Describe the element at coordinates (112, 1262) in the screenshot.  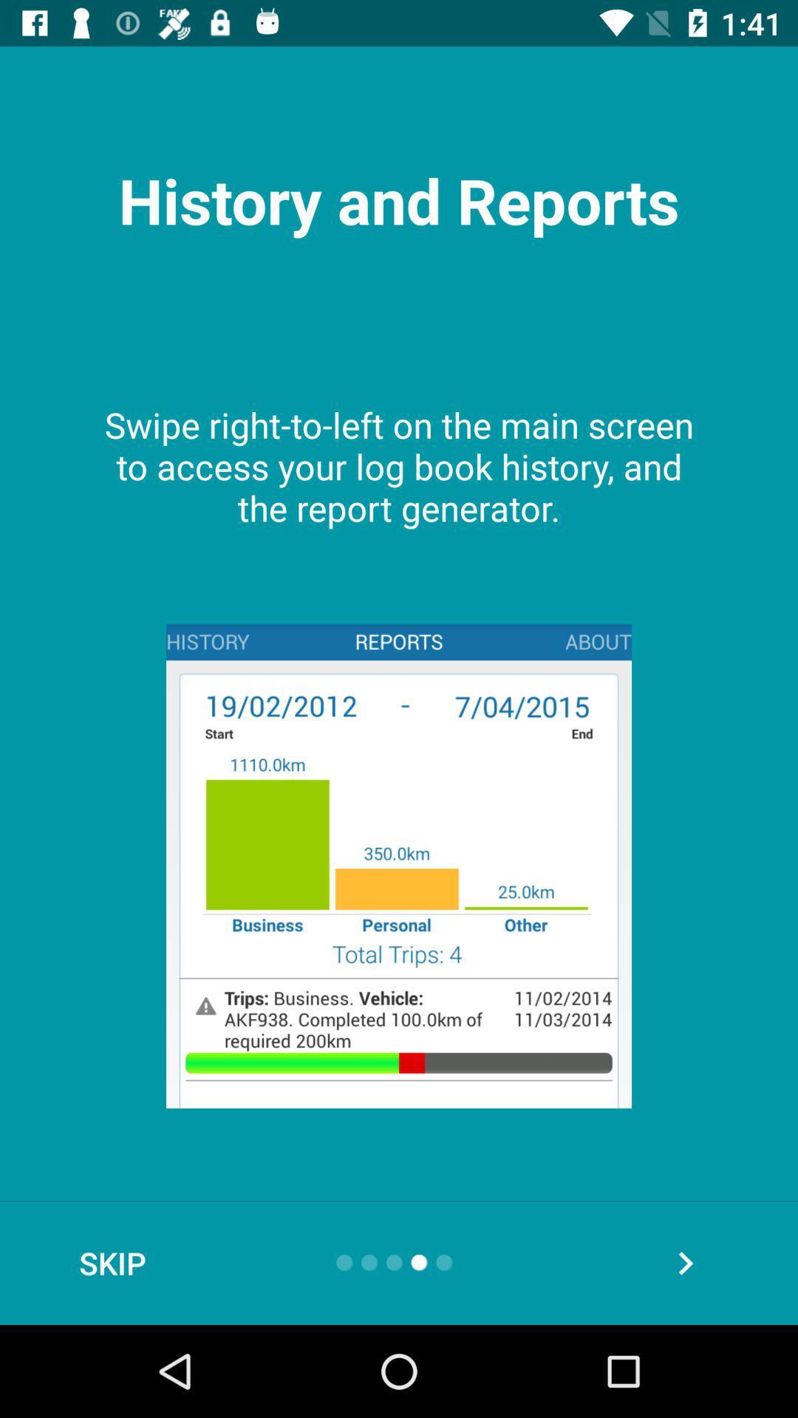
I see `skip icon` at that location.